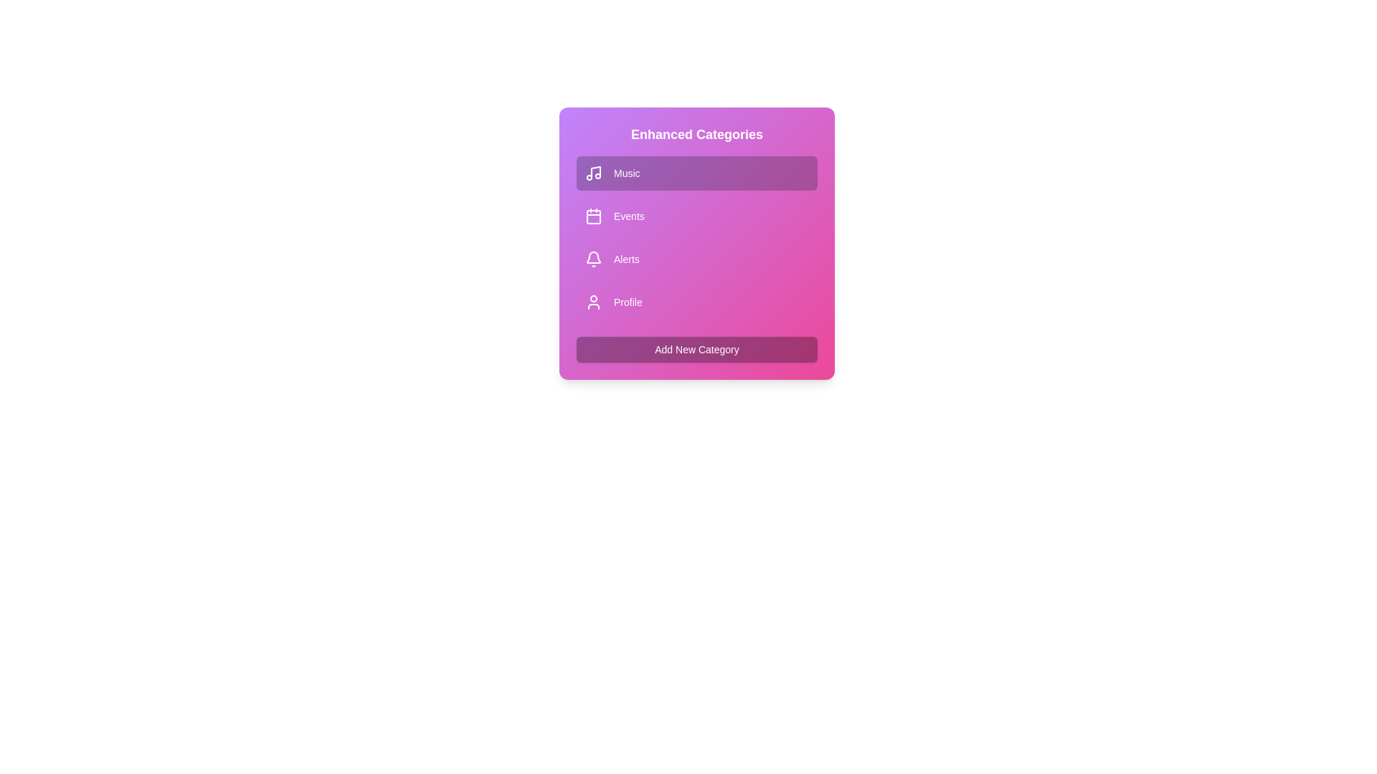 The height and width of the screenshot is (774, 1377). I want to click on the category Events to observe the hover effect, so click(696, 216).